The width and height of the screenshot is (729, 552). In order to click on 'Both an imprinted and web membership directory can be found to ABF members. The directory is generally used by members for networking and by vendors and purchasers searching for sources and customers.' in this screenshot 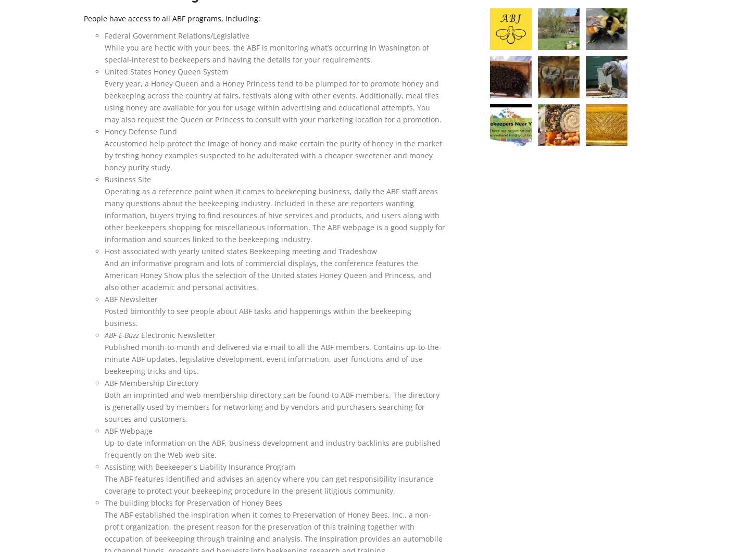, I will do `click(272, 406)`.